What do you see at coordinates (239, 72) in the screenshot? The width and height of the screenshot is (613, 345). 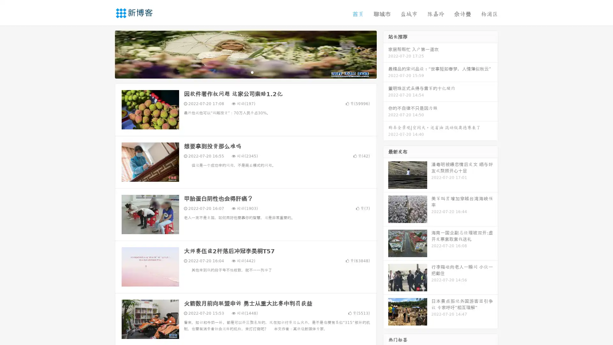 I see `Go to slide 1` at bounding box center [239, 72].